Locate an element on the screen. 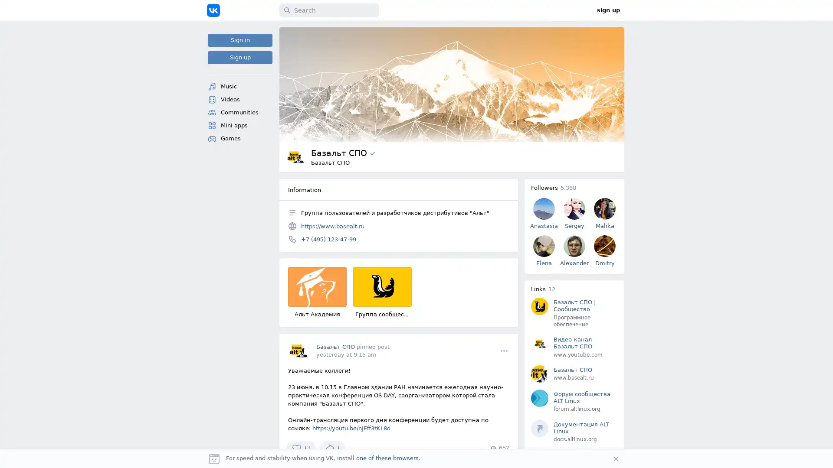 This screenshot has height=468, width=833. Sign in is located at coordinates (240, 40).